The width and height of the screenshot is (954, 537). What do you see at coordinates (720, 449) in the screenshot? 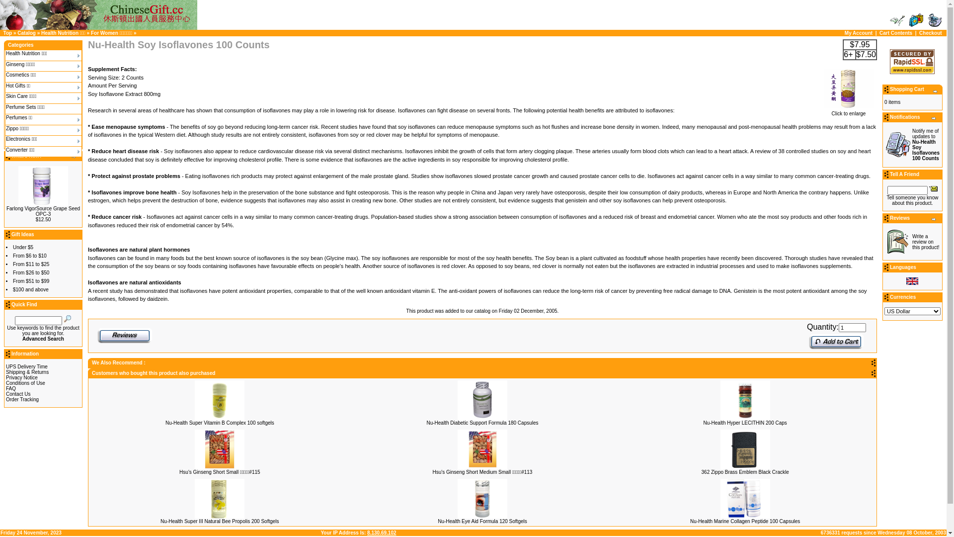
I see `' 362 Zippo Brass Emblem Black Crackle '` at bounding box center [720, 449].